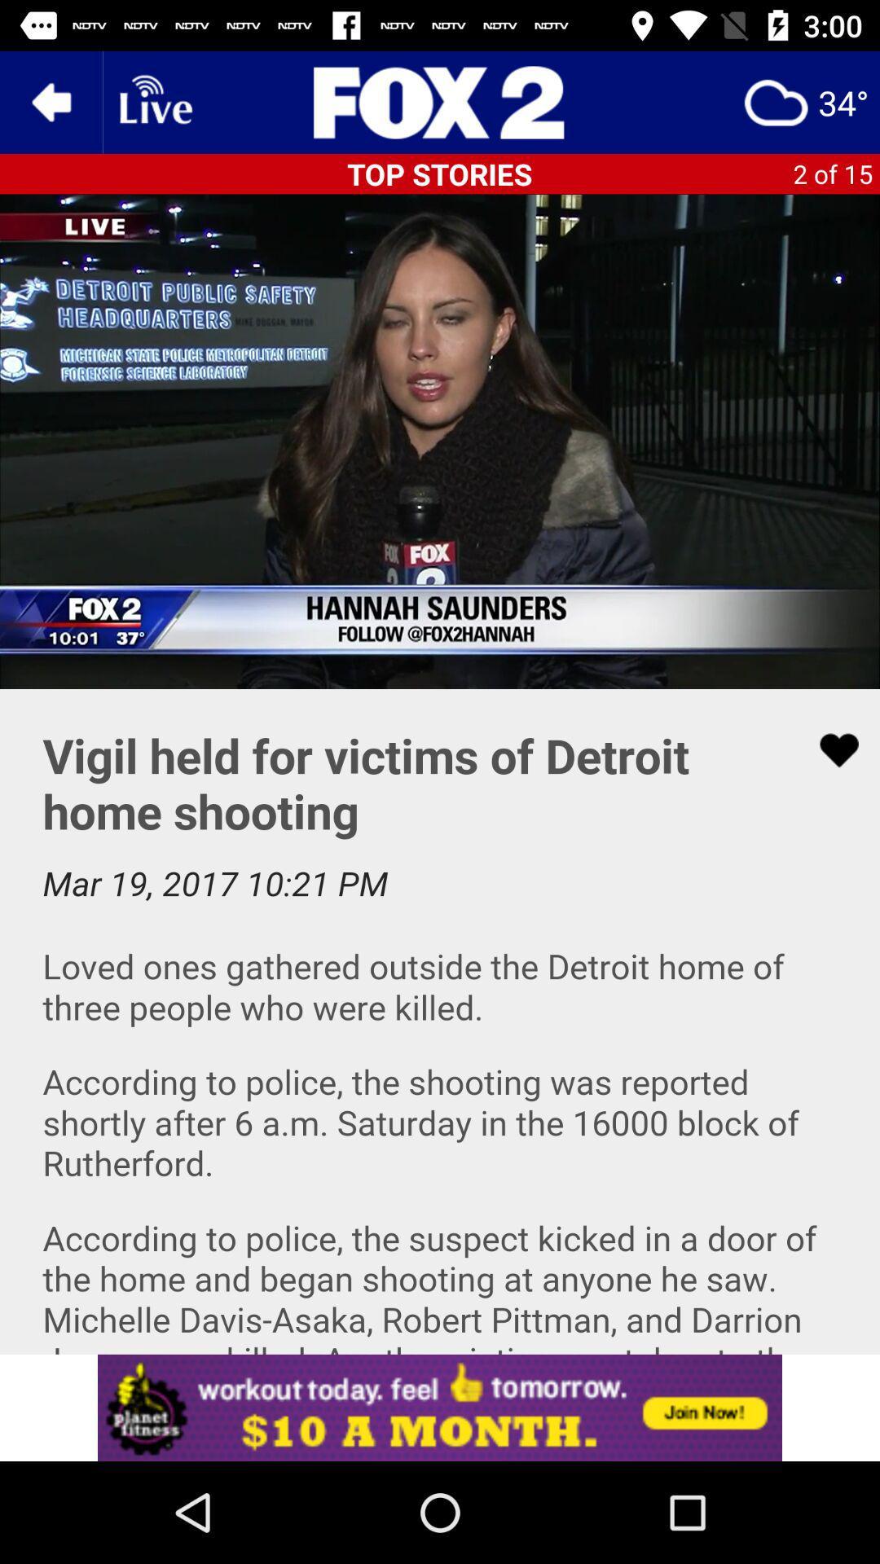 The image size is (880, 1564). Describe the element at coordinates (50, 101) in the screenshot. I see `go back` at that location.